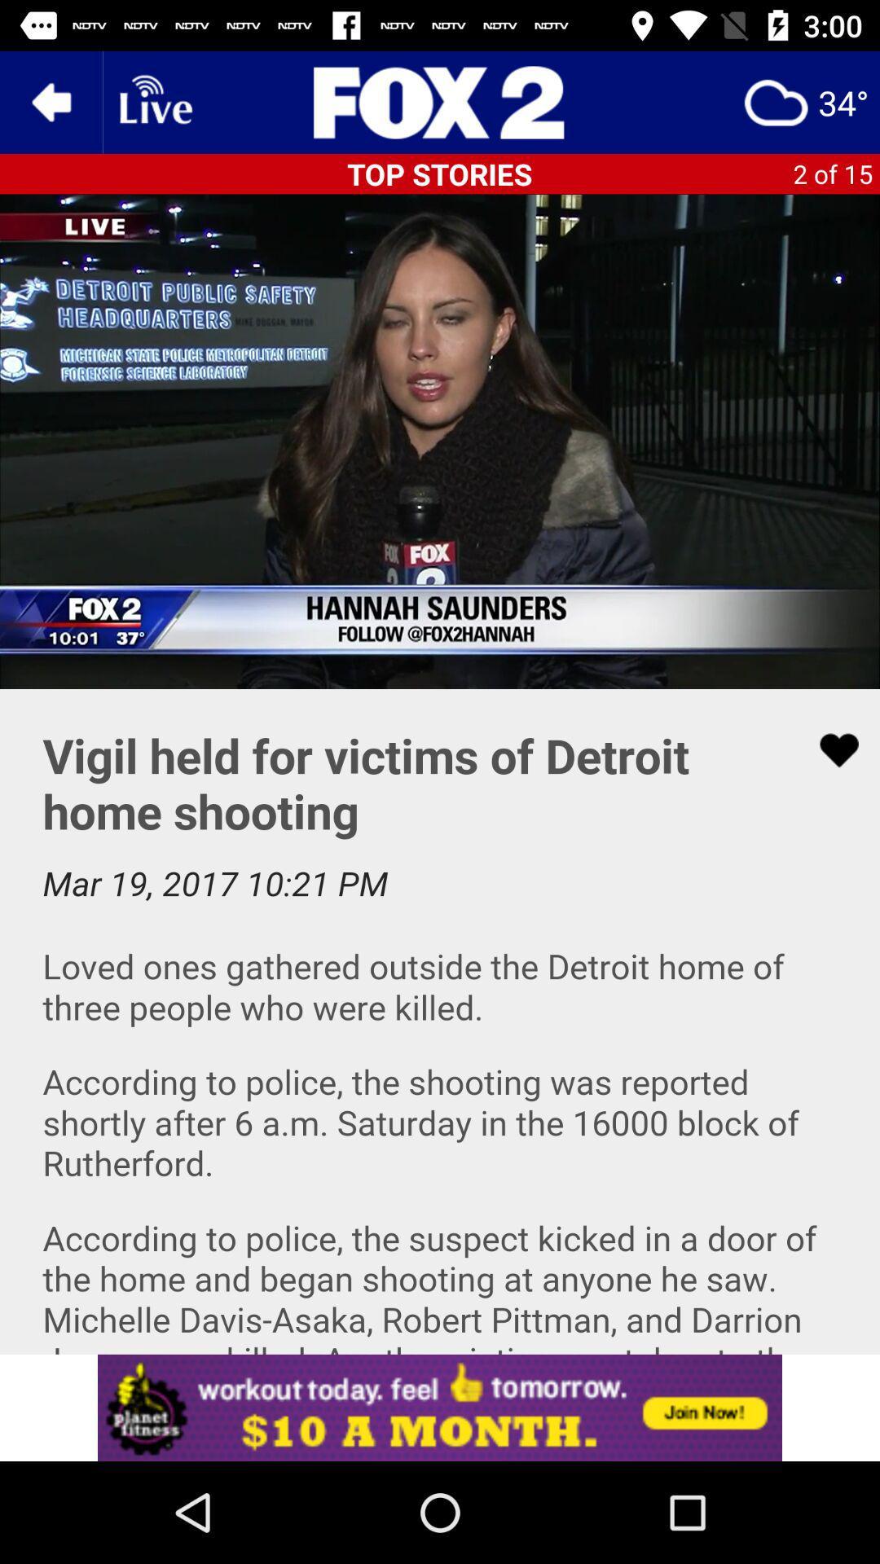 The image size is (880, 1564). Describe the element at coordinates (50, 101) in the screenshot. I see `go back` at that location.